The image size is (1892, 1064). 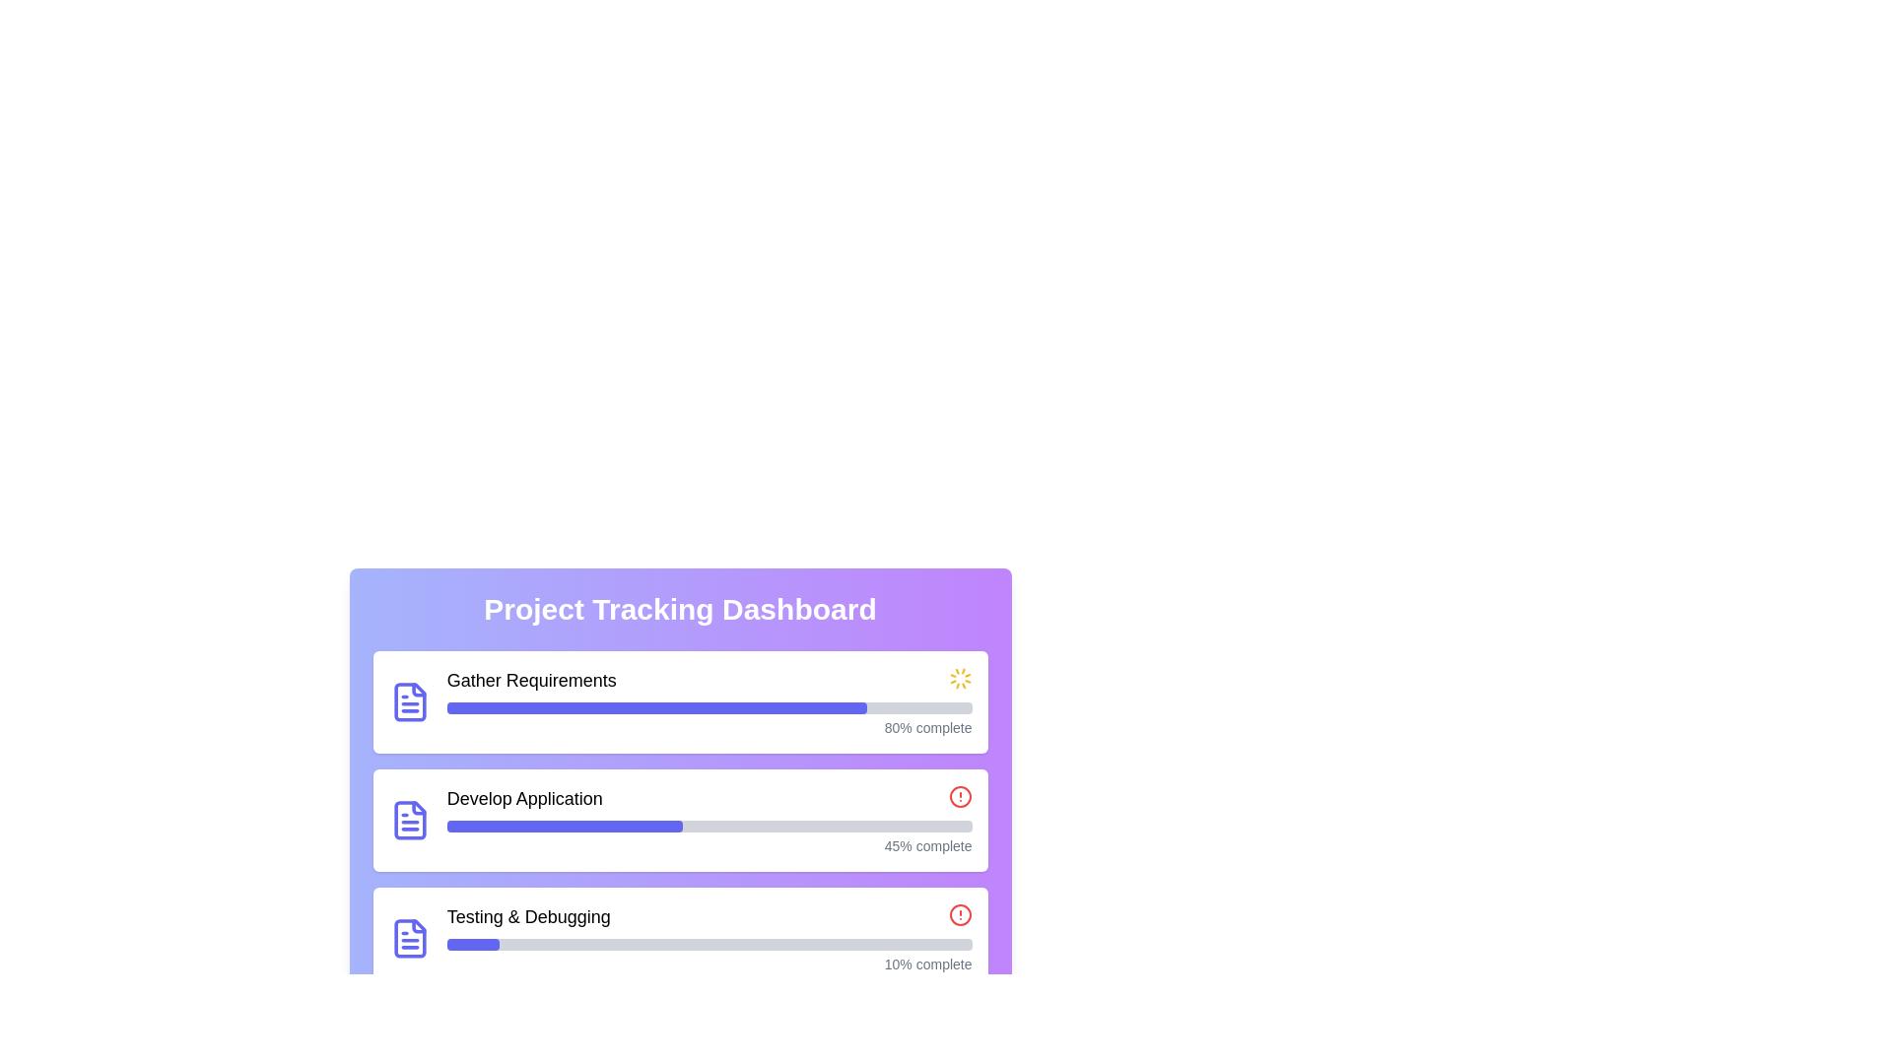 What do you see at coordinates (709, 937) in the screenshot?
I see `the progress bar and textual display component representing the progress of the 'Testing & Debugging' task in the 'Project Tracking Dashboard'` at bounding box center [709, 937].